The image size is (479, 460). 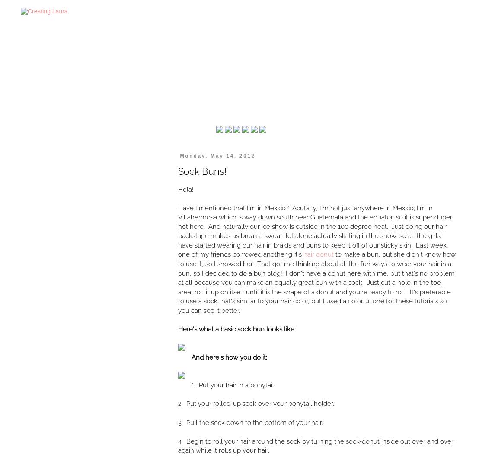 I want to click on 'Here's what a basic sock bun looks like:', so click(x=236, y=328).